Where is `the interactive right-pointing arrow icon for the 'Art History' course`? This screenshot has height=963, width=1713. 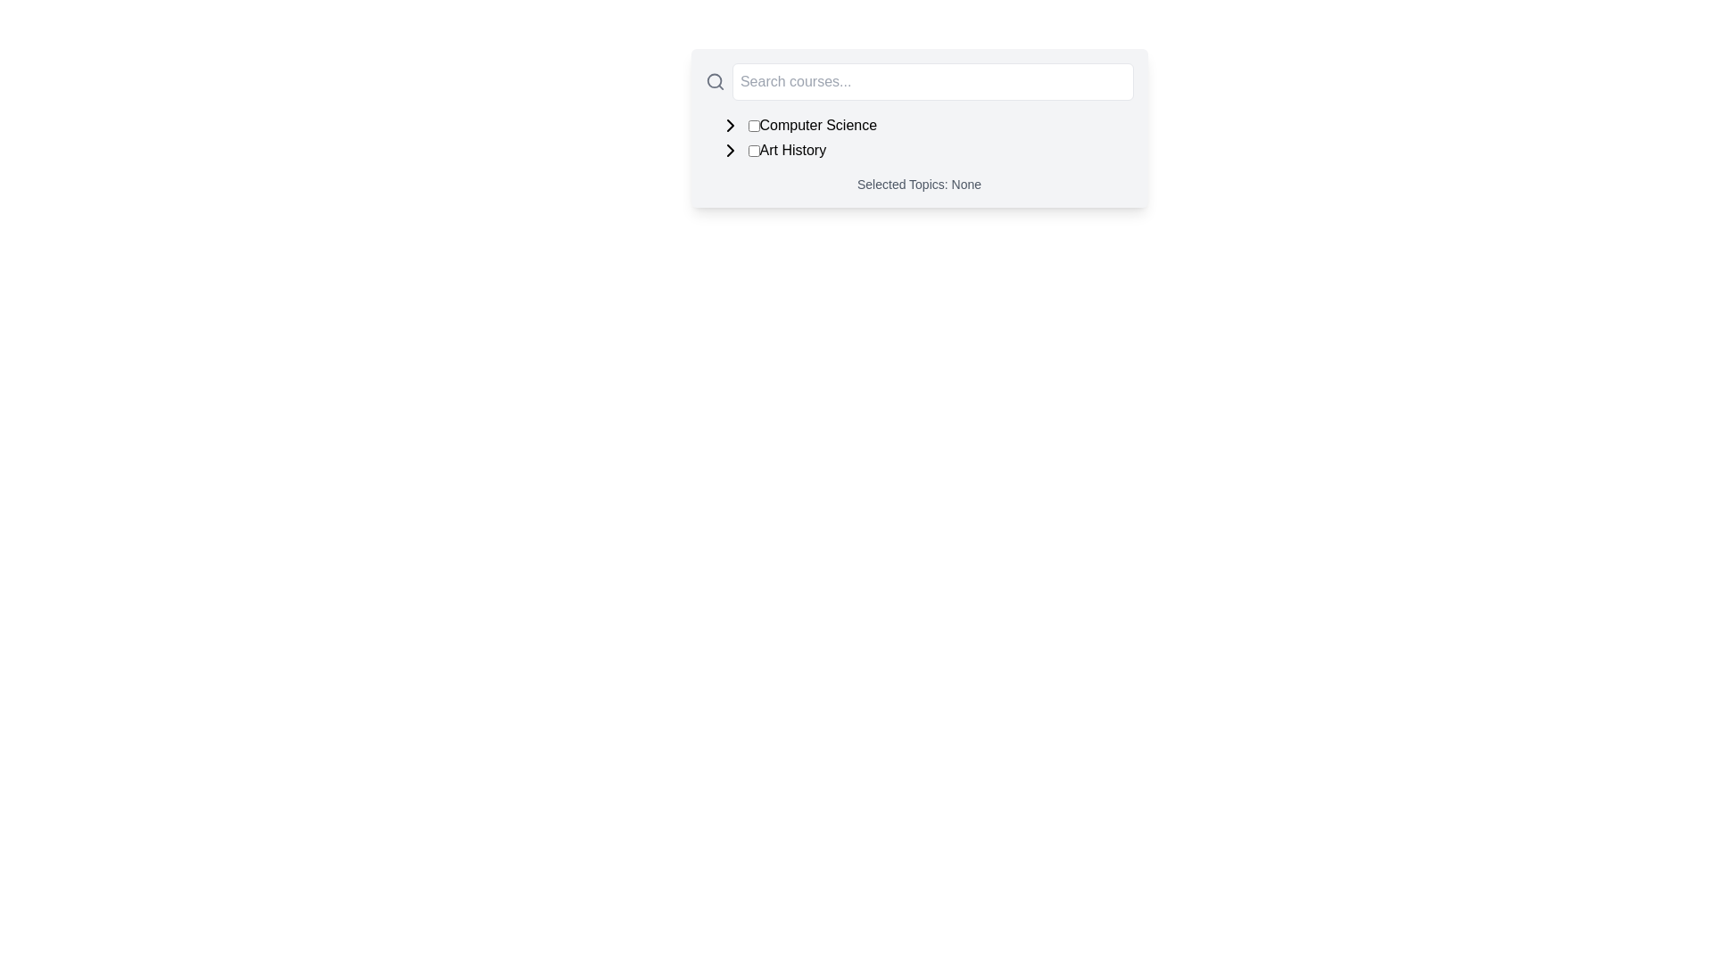
the interactive right-pointing arrow icon for the 'Art History' course is located at coordinates (730, 150).